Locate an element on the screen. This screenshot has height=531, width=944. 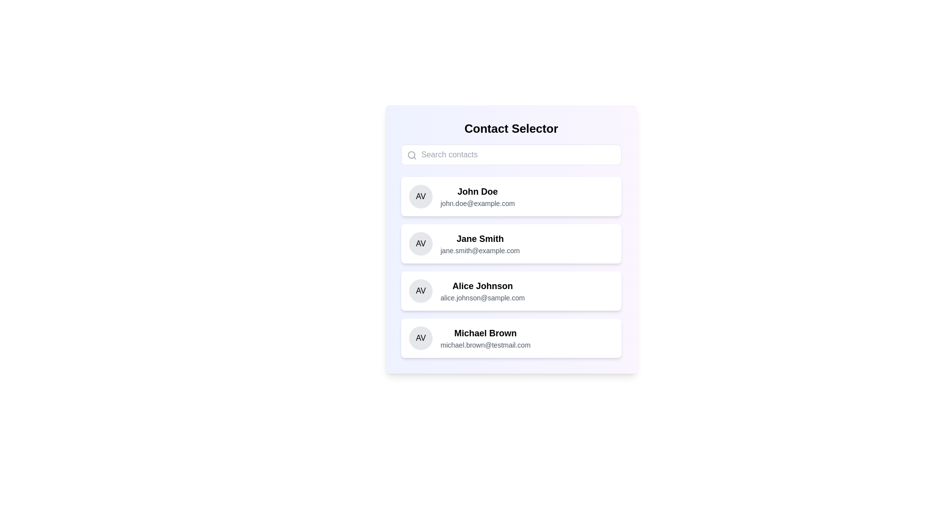
the text display area that shows the name and email address of a contact, located in the third contact card in the contact list interface, adjacent to the circular 'AV' initials is located at coordinates (482, 290).